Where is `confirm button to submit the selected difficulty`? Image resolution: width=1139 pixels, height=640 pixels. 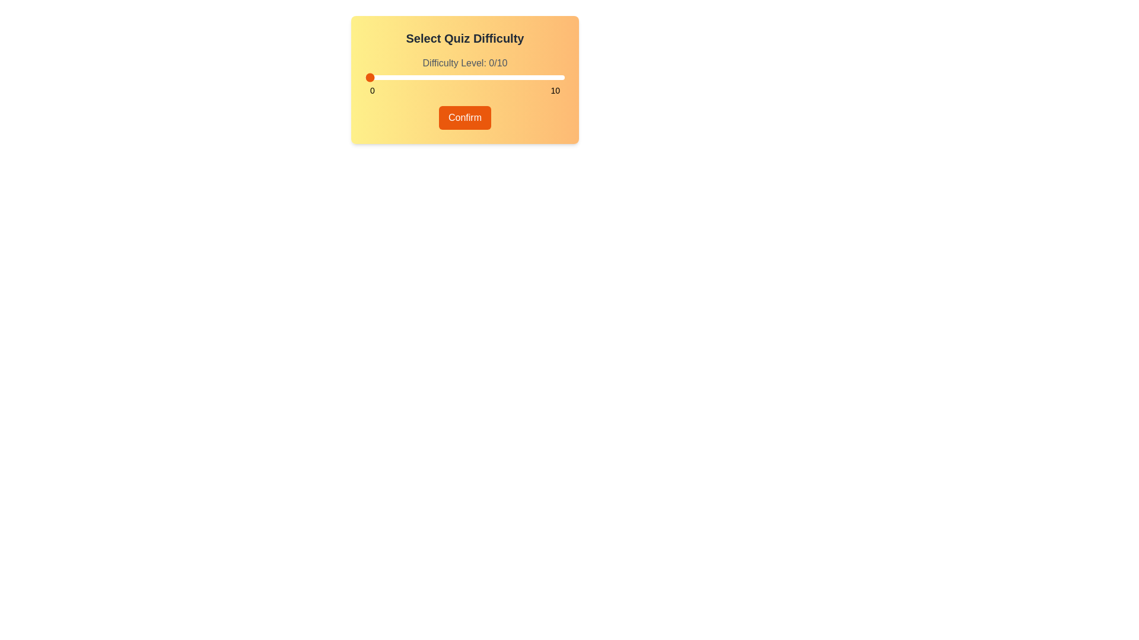
confirm button to submit the selected difficulty is located at coordinates (464, 118).